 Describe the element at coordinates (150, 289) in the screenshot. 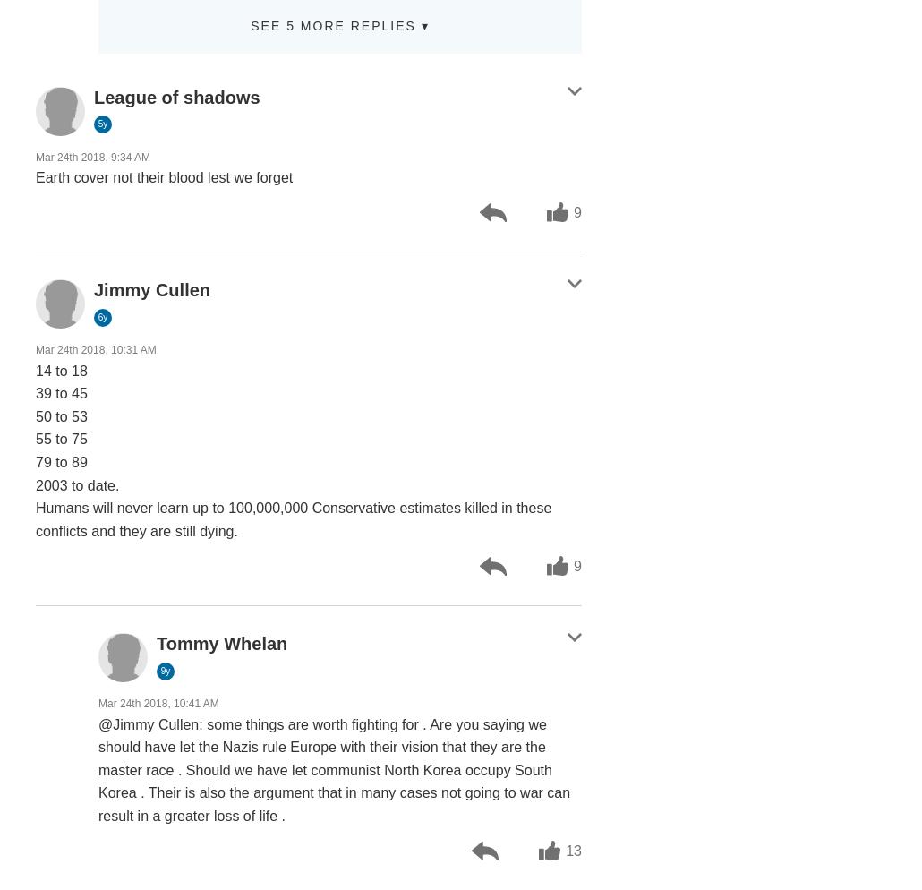

I see `'Jimmy Cullen'` at that location.